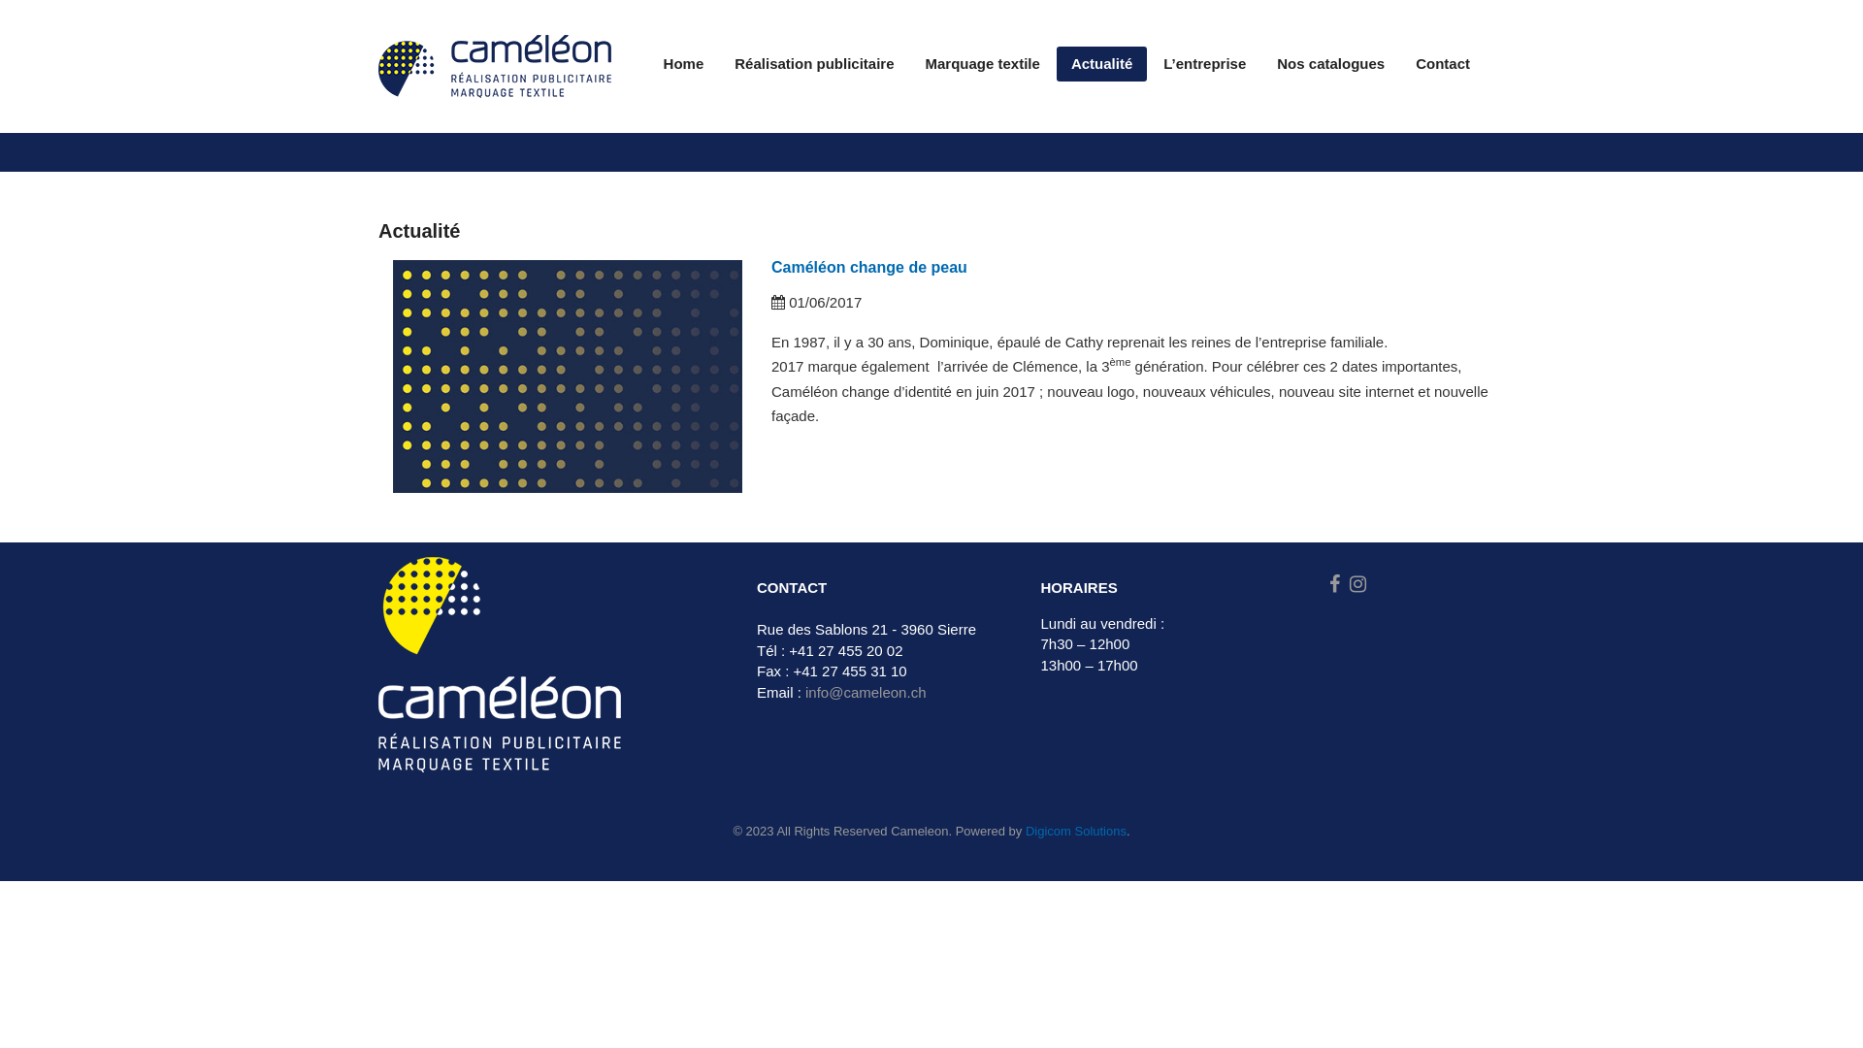  What do you see at coordinates (1074, 830) in the screenshot?
I see `'Digicom Solutions'` at bounding box center [1074, 830].